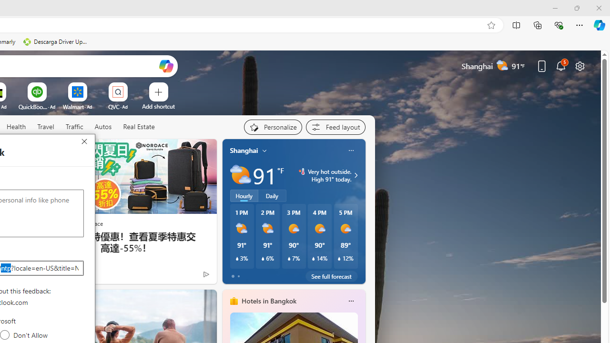 The height and width of the screenshot is (343, 610). What do you see at coordinates (339, 259) in the screenshot?
I see `'Class: weather-current-precipitation-glyph'` at bounding box center [339, 259].